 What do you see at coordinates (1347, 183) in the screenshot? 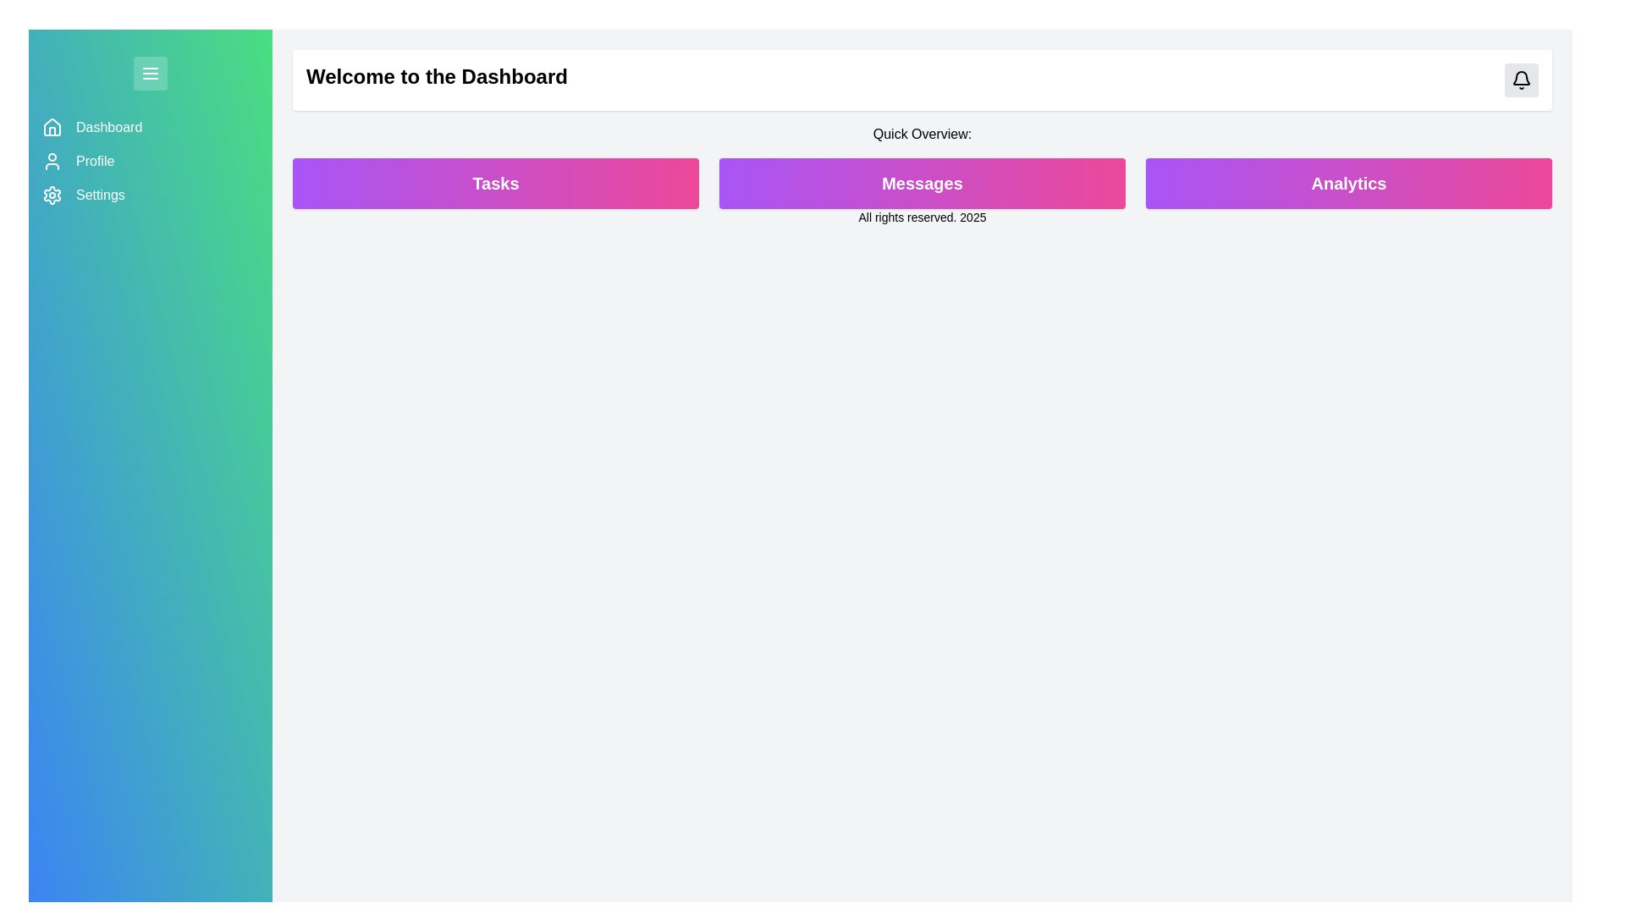
I see `the 'Analytics' text label, which serves as a descriptive title for its section, located at the rightmost side of the row with similar sections like 'Tasks' and 'Messages'` at bounding box center [1347, 183].